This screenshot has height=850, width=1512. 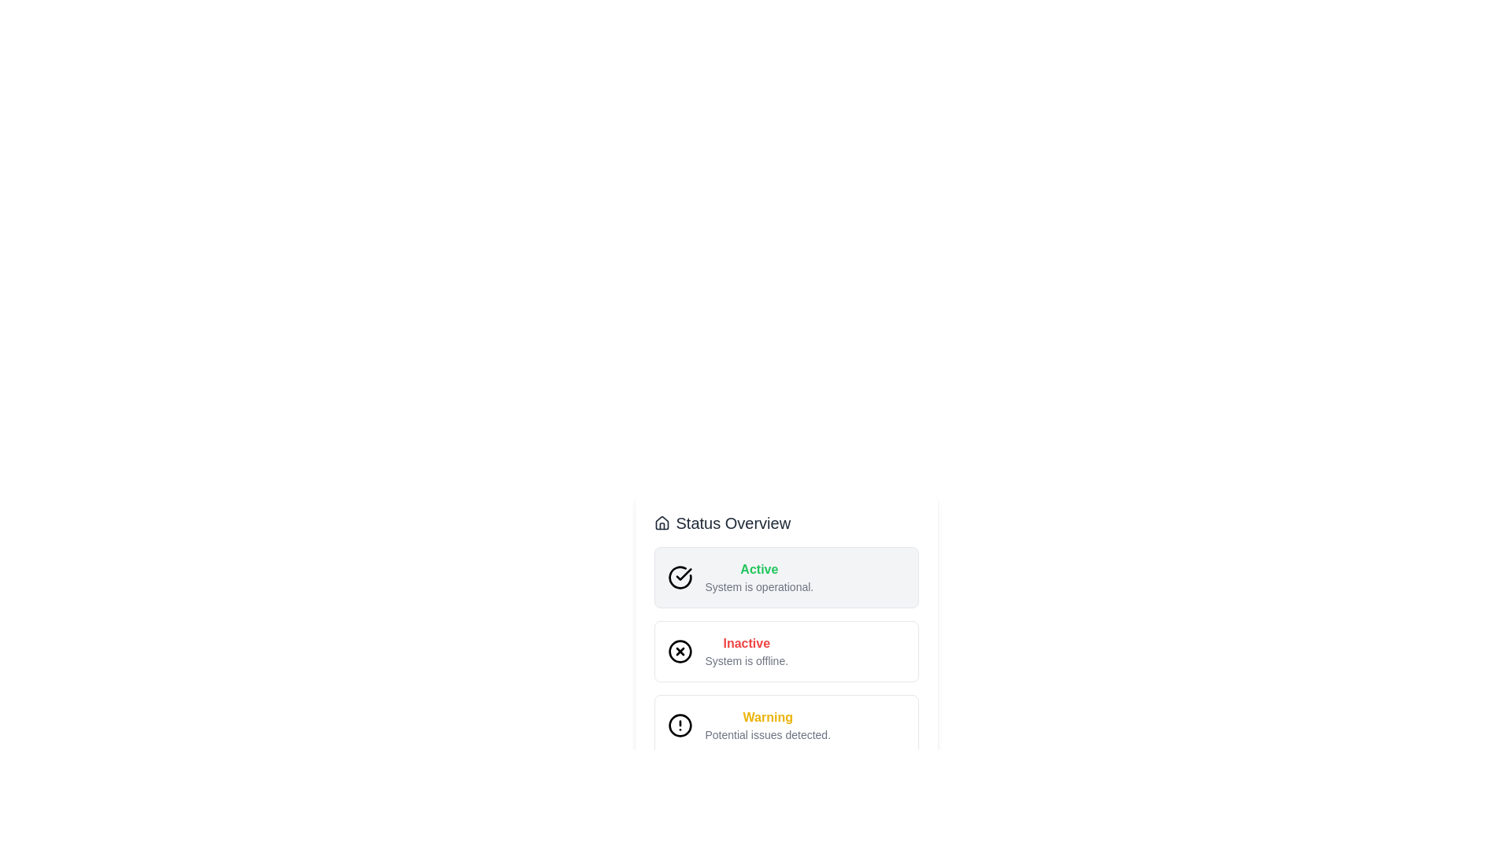 I want to click on the stylized black house icon, which represents the base of a house-shaped icon located at the top left of the 'Status Overview' heading, so click(x=661, y=523).